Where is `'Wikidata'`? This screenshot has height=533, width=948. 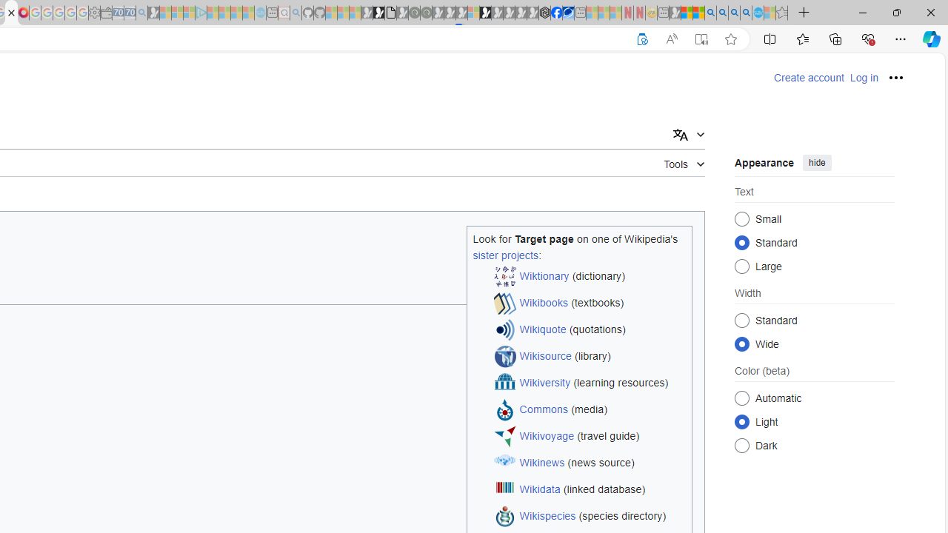
'Wikidata' is located at coordinates (538, 489).